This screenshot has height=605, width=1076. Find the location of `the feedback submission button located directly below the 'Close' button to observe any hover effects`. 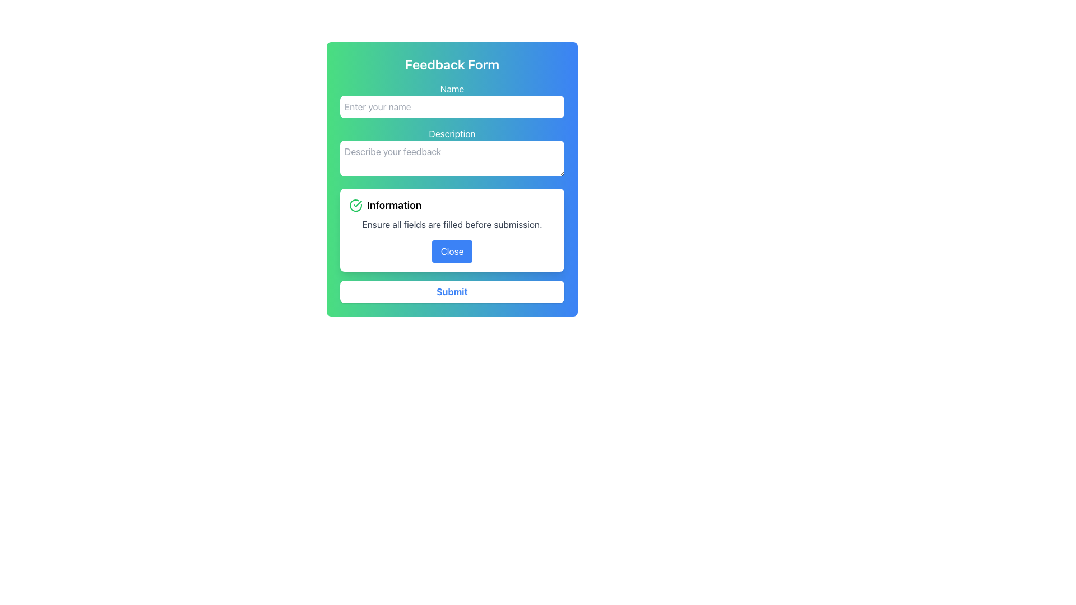

the feedback submission button located directly below the 'Close' button to observe any hover effects is located at coordinates (452, 291).